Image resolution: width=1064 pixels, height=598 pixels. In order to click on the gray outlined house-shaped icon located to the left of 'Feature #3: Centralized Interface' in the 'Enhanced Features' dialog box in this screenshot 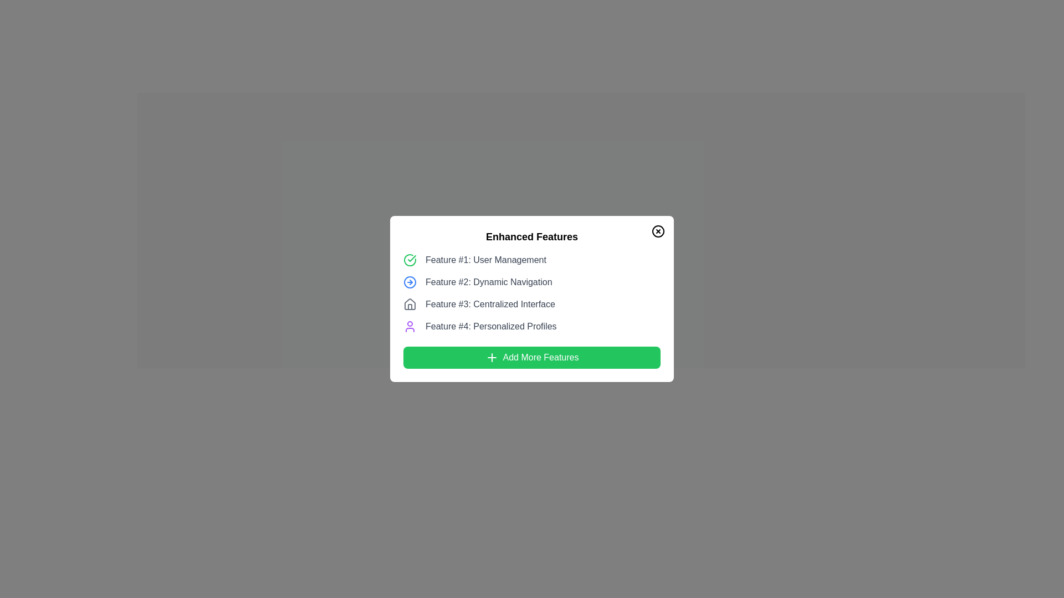, I will do `click(409, 305)`.